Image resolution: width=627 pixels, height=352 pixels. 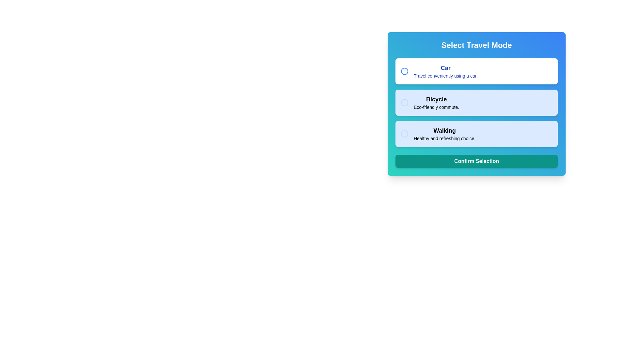 What do you see at coordinates (436, 107) in the screenshot?
I see `the secondary descriptor text label for the 'Bicycle' option, which provides additional context about this choice and is centrally aligned below the primary label 'Bicycle'` at bounding box center [436, 107].